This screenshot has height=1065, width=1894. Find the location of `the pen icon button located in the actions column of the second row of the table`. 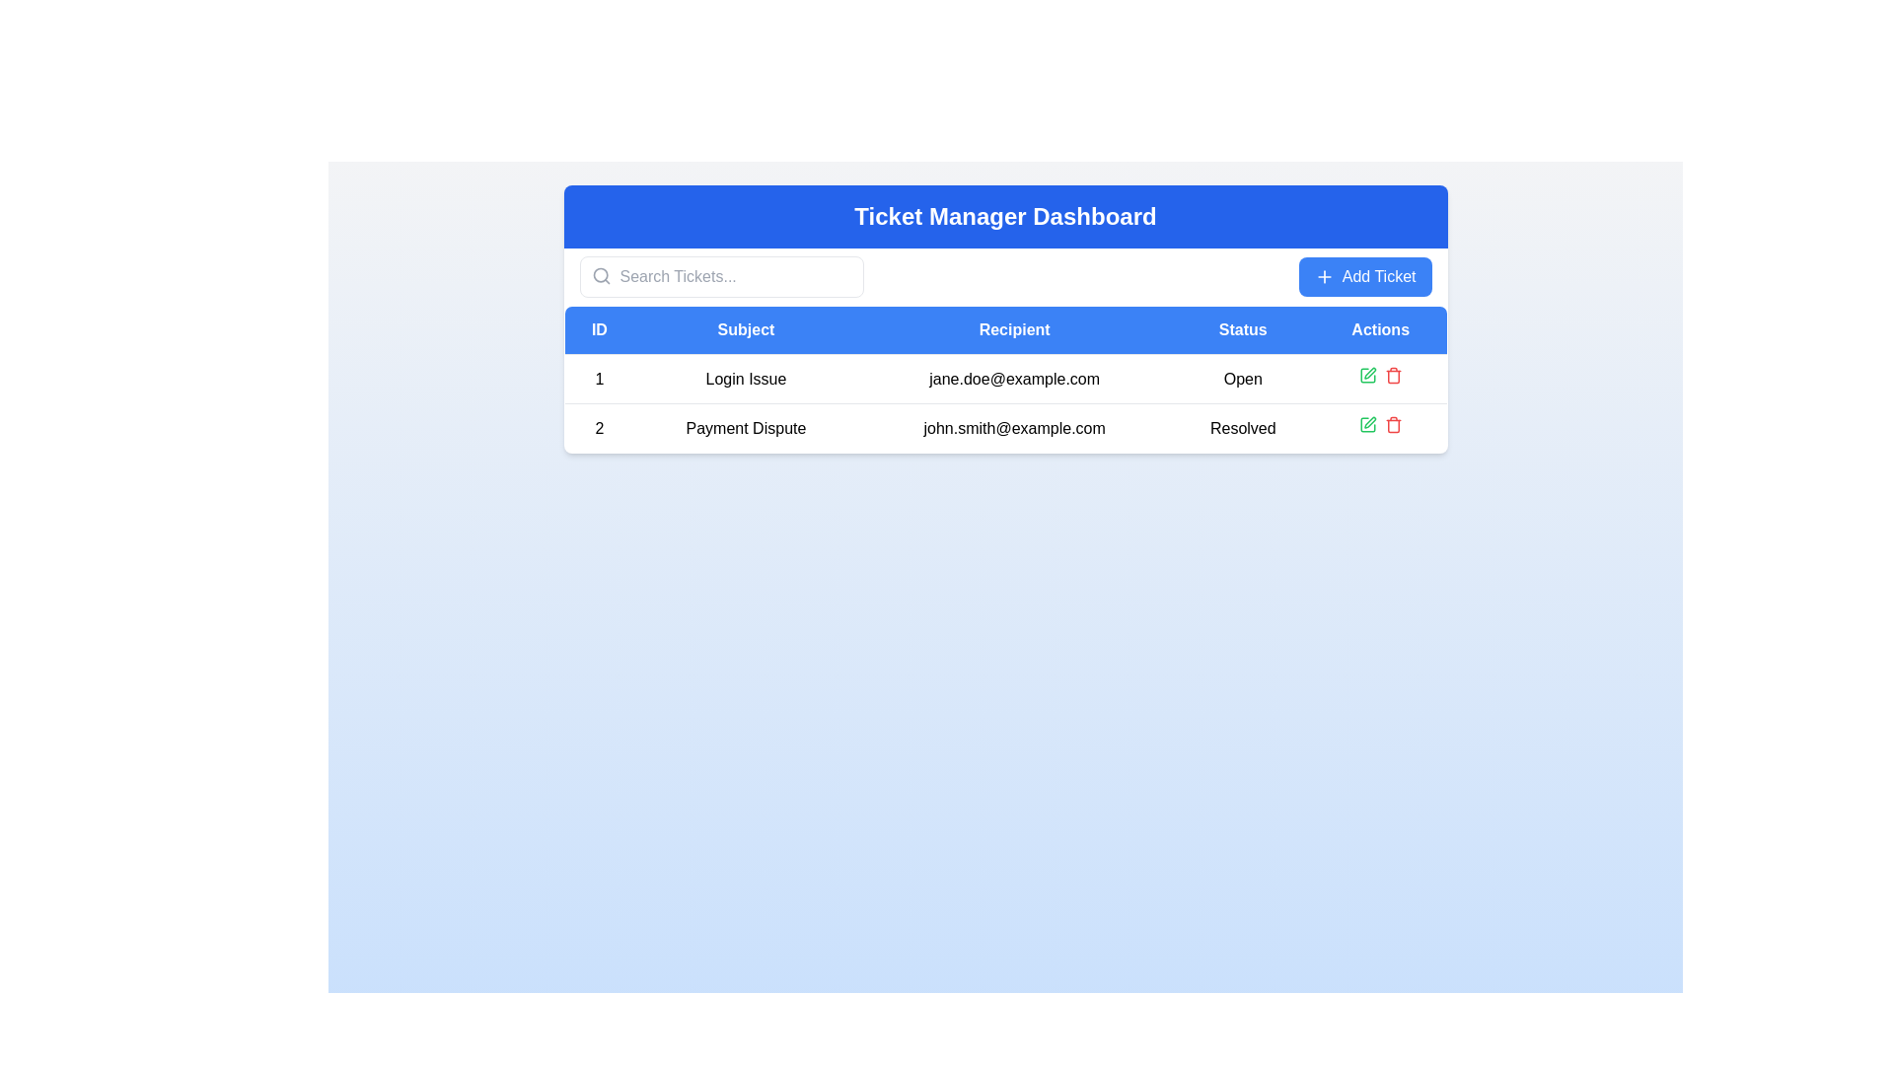

the pen icon button located in the actions column of the second row of the table is located at coordinates (1368, 421).